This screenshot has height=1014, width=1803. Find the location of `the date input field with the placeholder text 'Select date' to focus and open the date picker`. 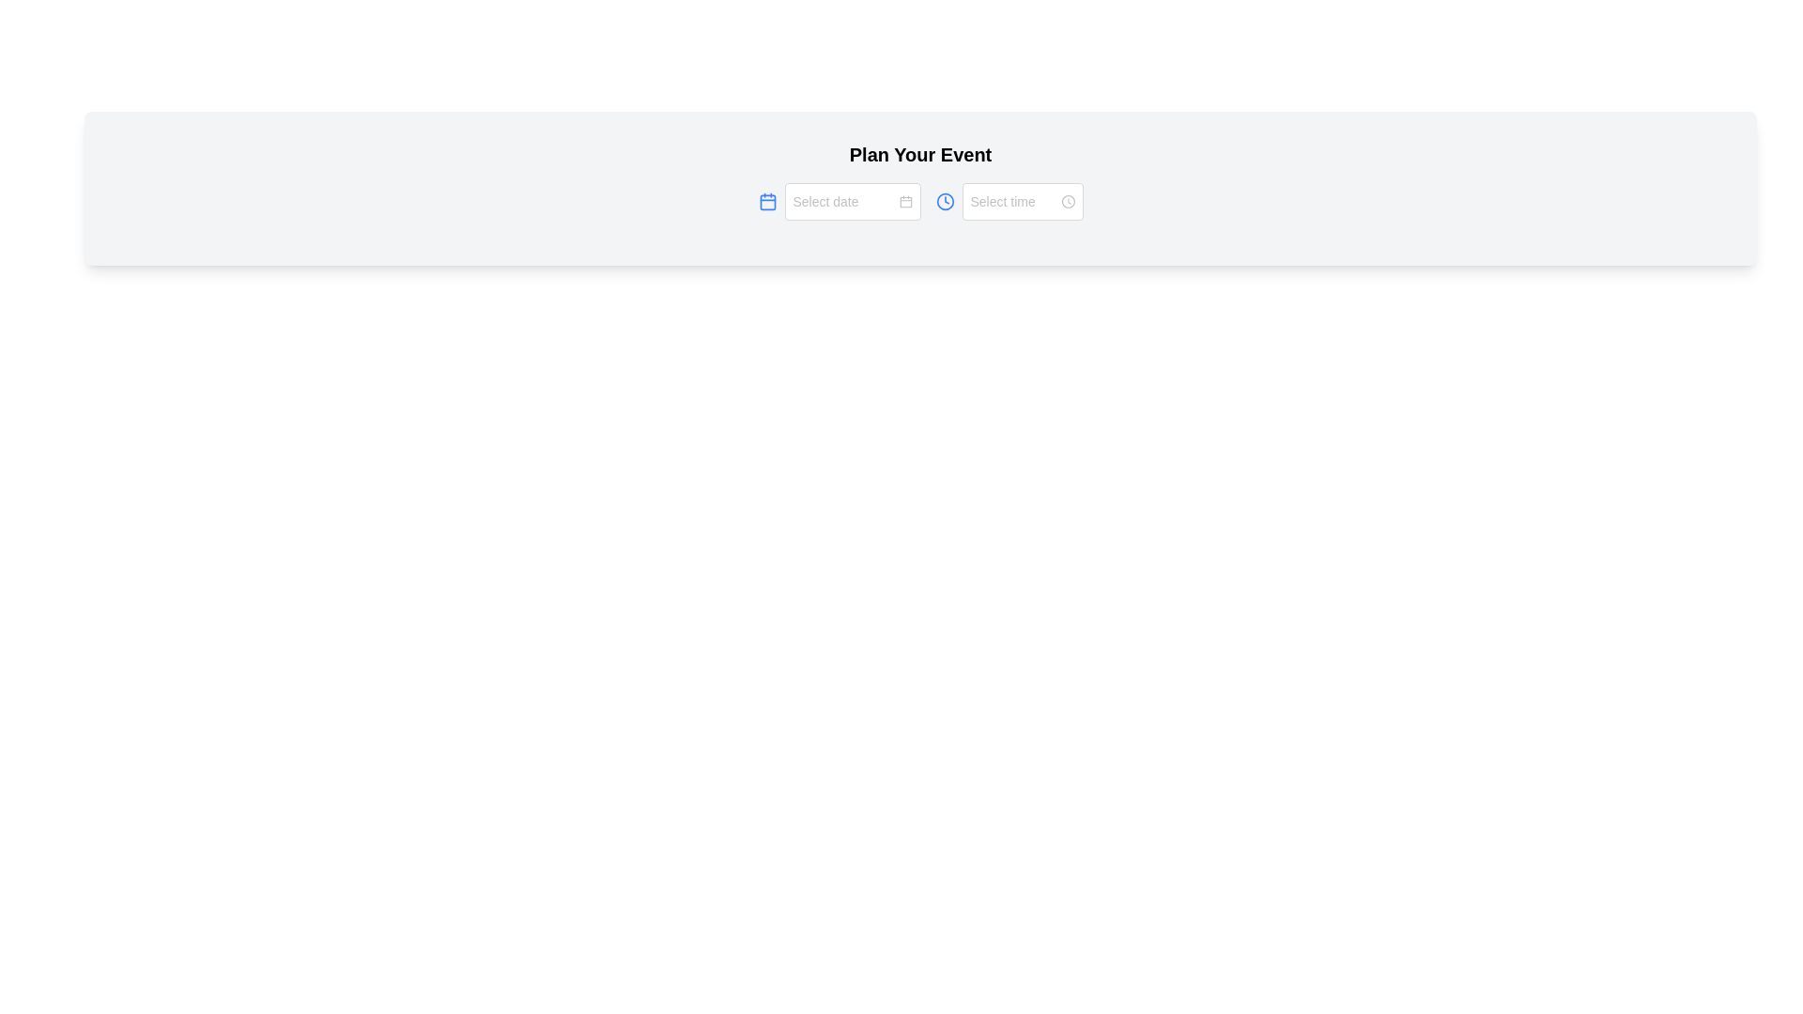

the date input field with the placeholder text 'Select date' to focus and open the date picker is located at coordinates (851, 202).